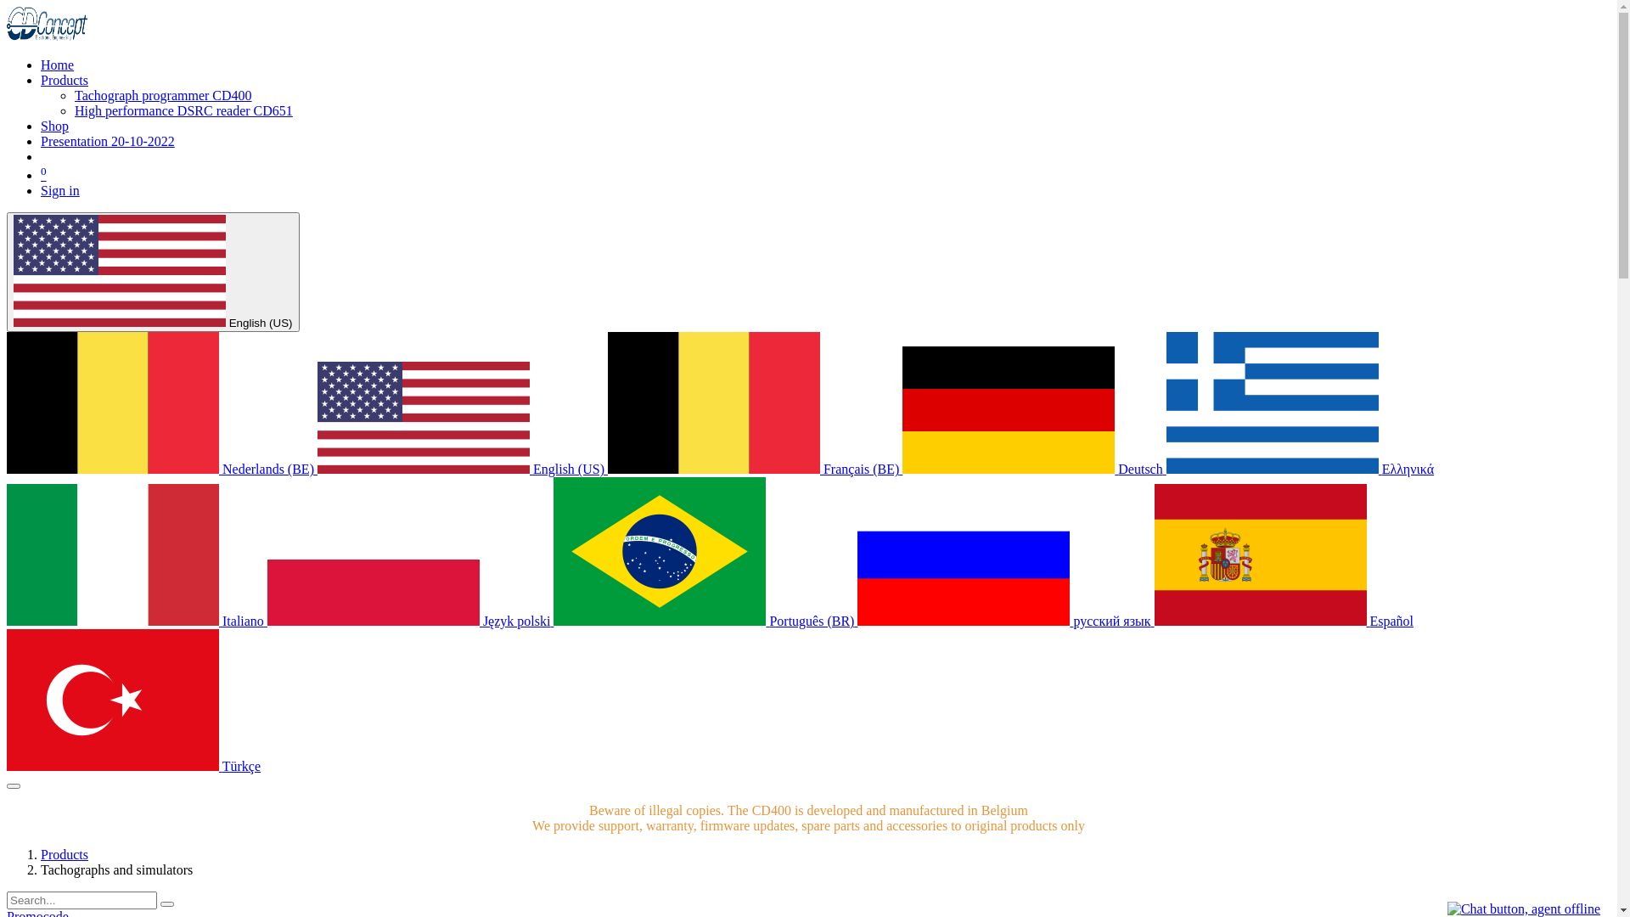 This screenshot has height=917, width=1630. What do you see at coordinates (106, 140) in the screenshot?
I see `'Presentation 20-10-2022'` at bounding box center [106, 140].